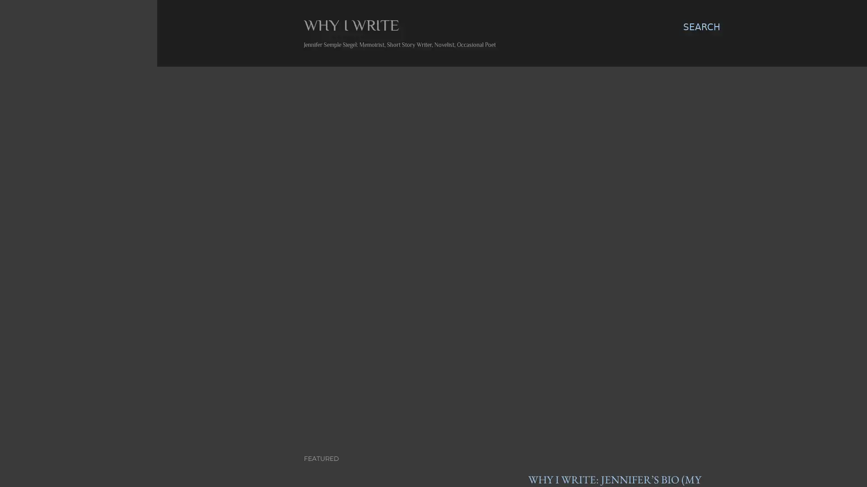 This screenshot has width=867, height=487. What do you see at coordinates (701, 27) in the screenshot?
I see `Search` at bounding box center [701, 27].